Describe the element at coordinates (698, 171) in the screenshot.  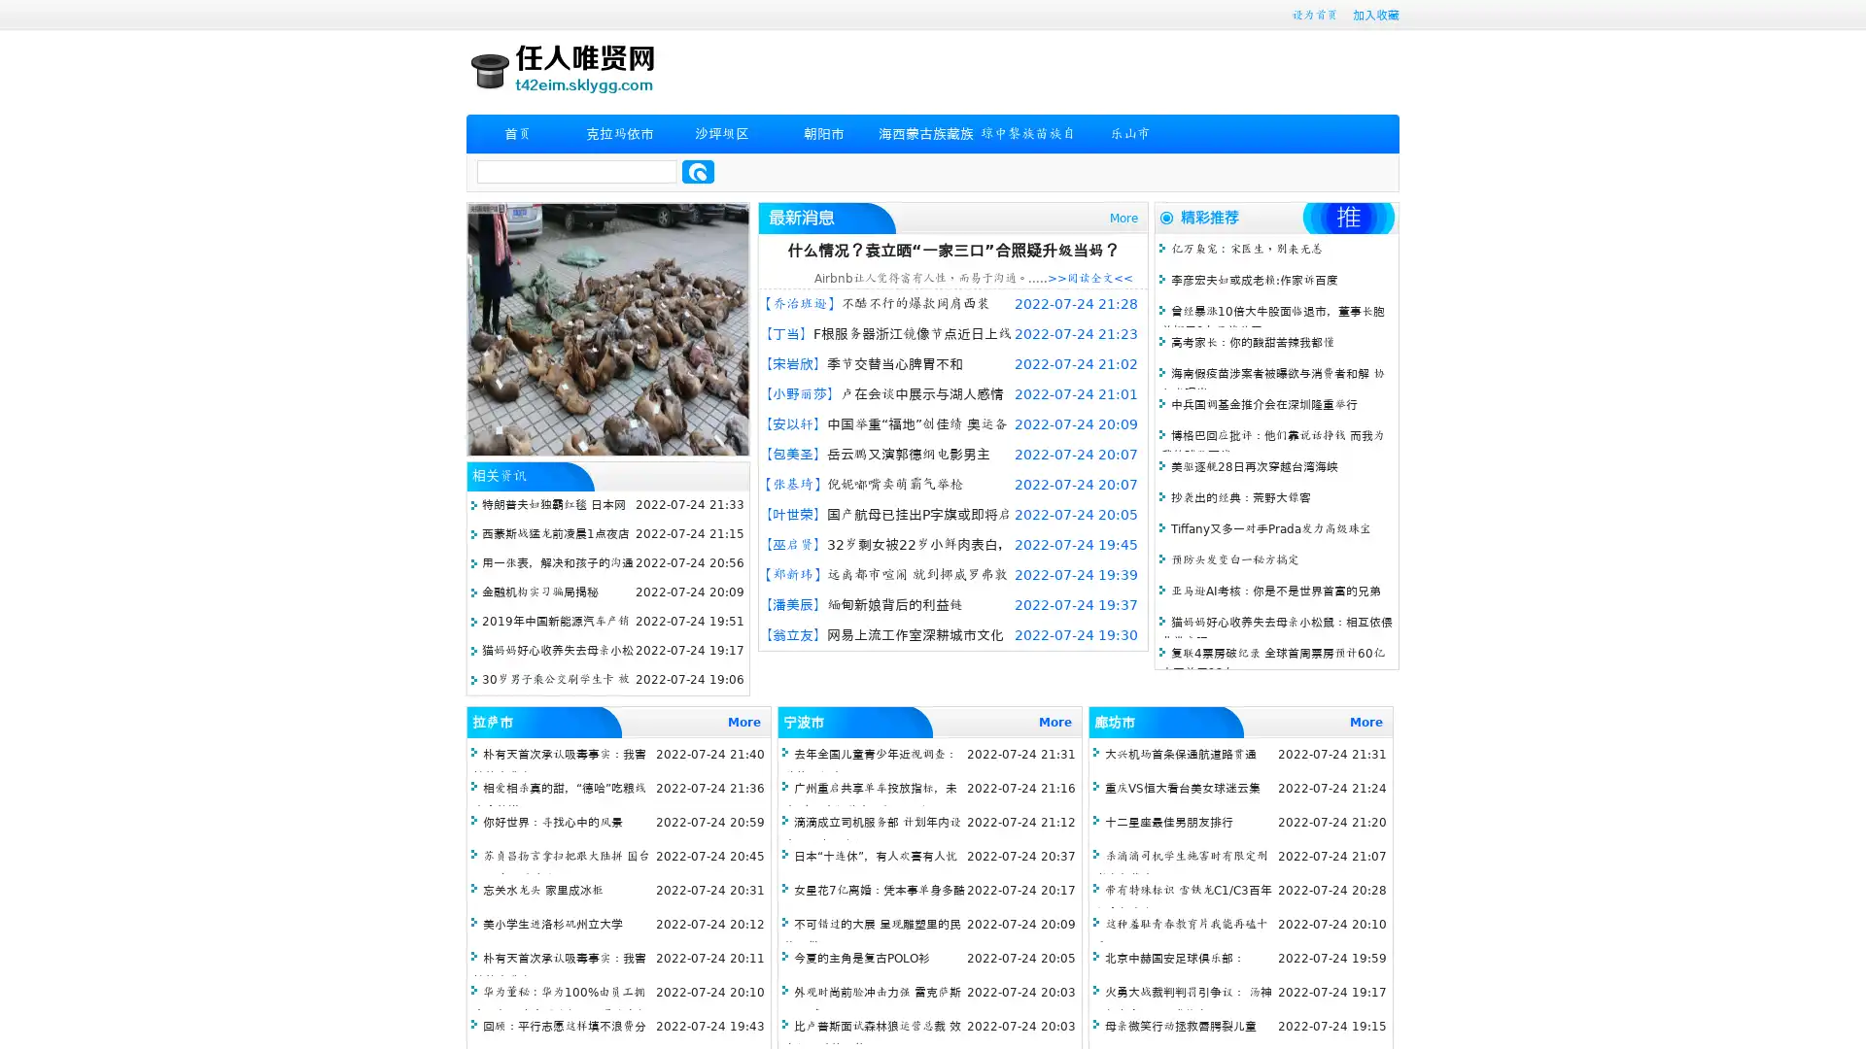
I see `Search` at that location.